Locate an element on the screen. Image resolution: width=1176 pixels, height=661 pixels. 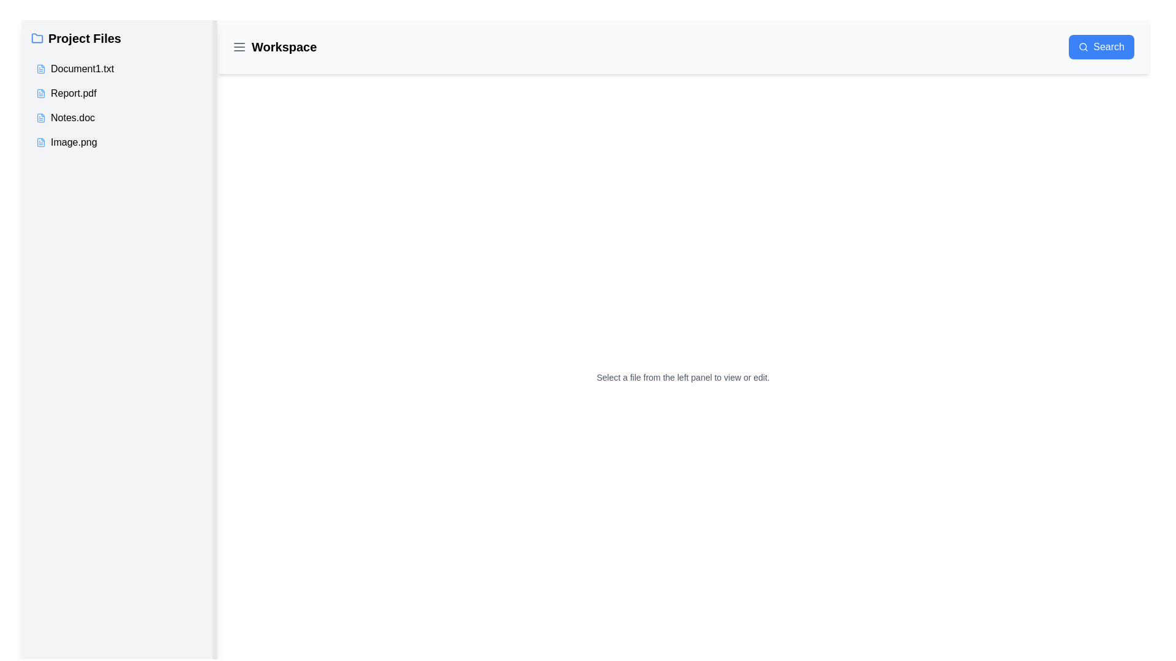
the icon representing the file 'Image.png' located at the leftmost side of its row is located at coordinates (41, 141).